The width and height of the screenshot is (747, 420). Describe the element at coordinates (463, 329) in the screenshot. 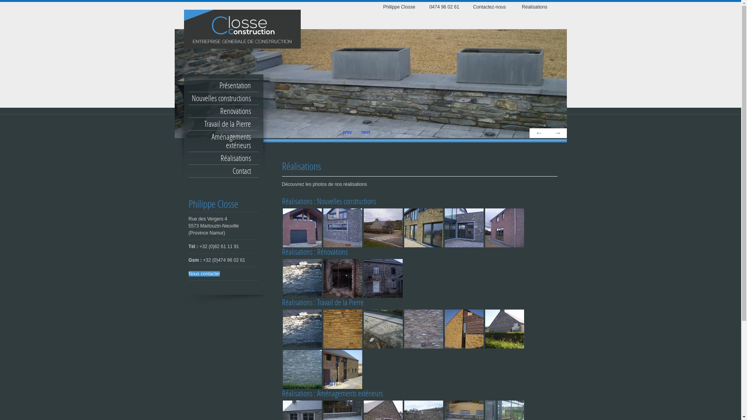

I see `'OLYMPUS DIGITAL CAMERA         '` at that location.